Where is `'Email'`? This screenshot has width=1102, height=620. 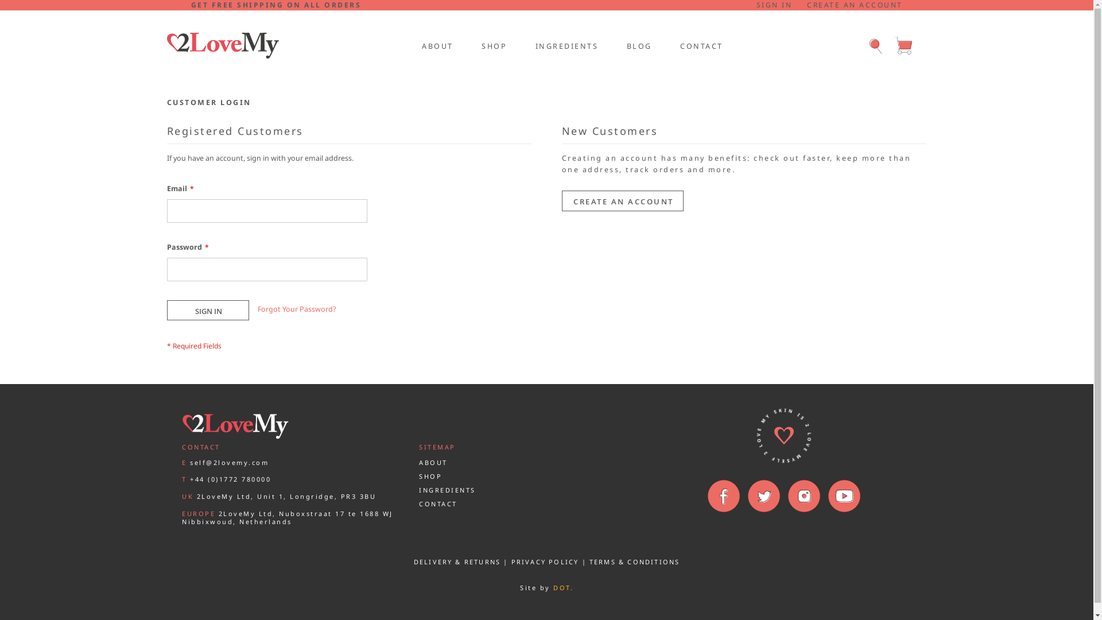 'Email' is located at coordinates (166, 211).